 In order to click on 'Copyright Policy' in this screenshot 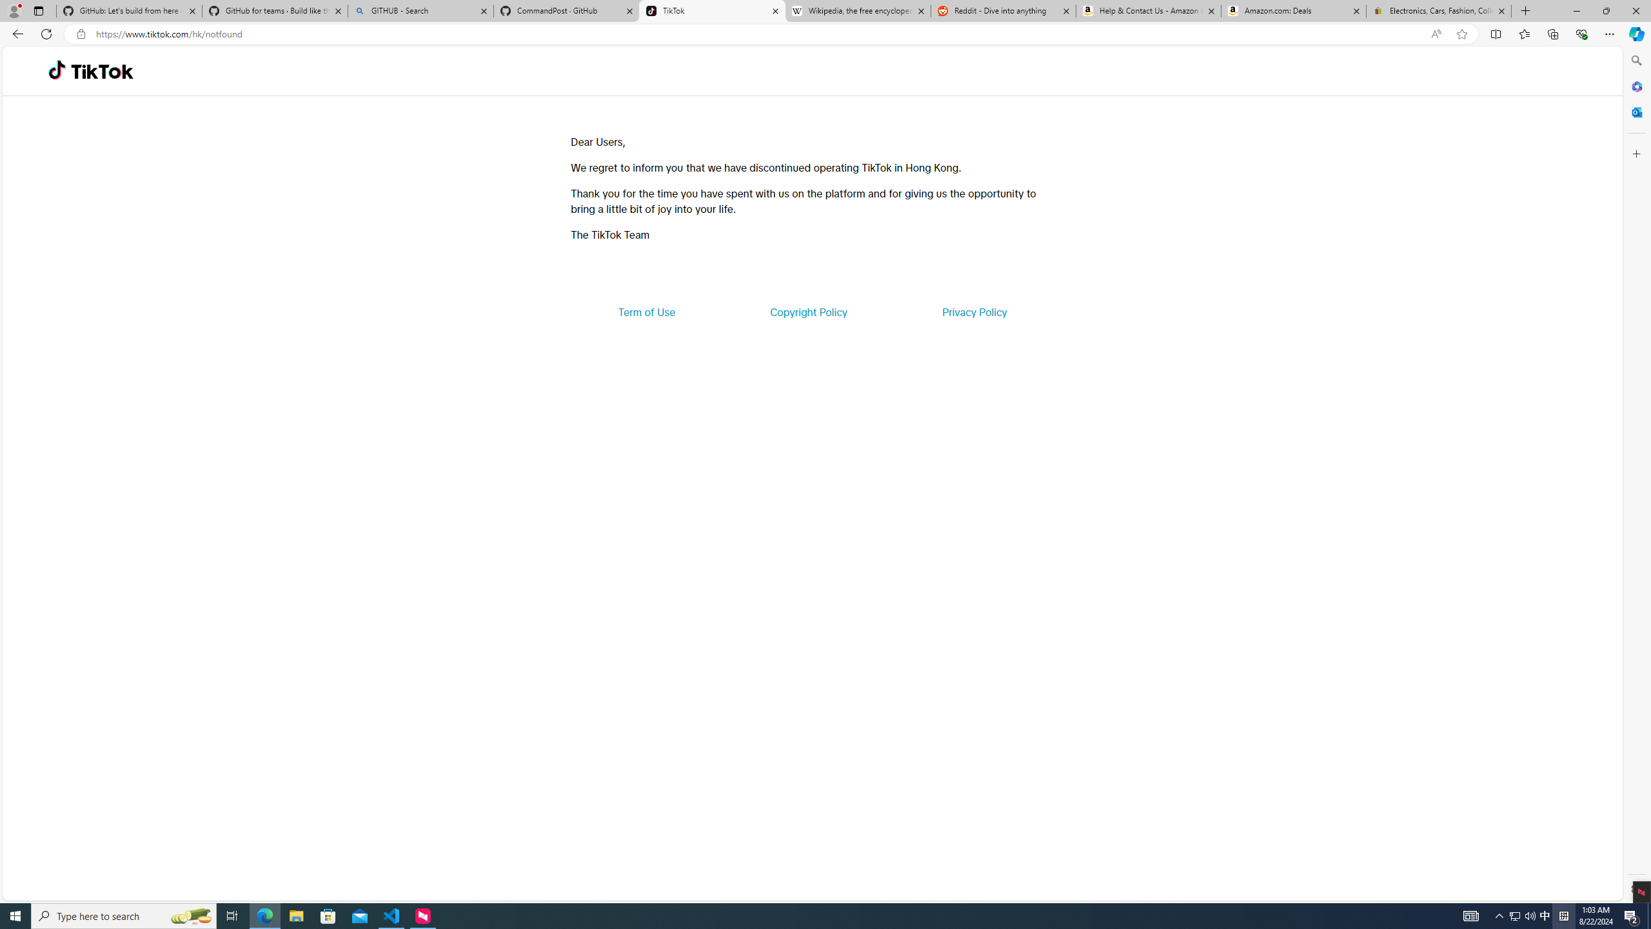, I will do `click(807, 311)`.